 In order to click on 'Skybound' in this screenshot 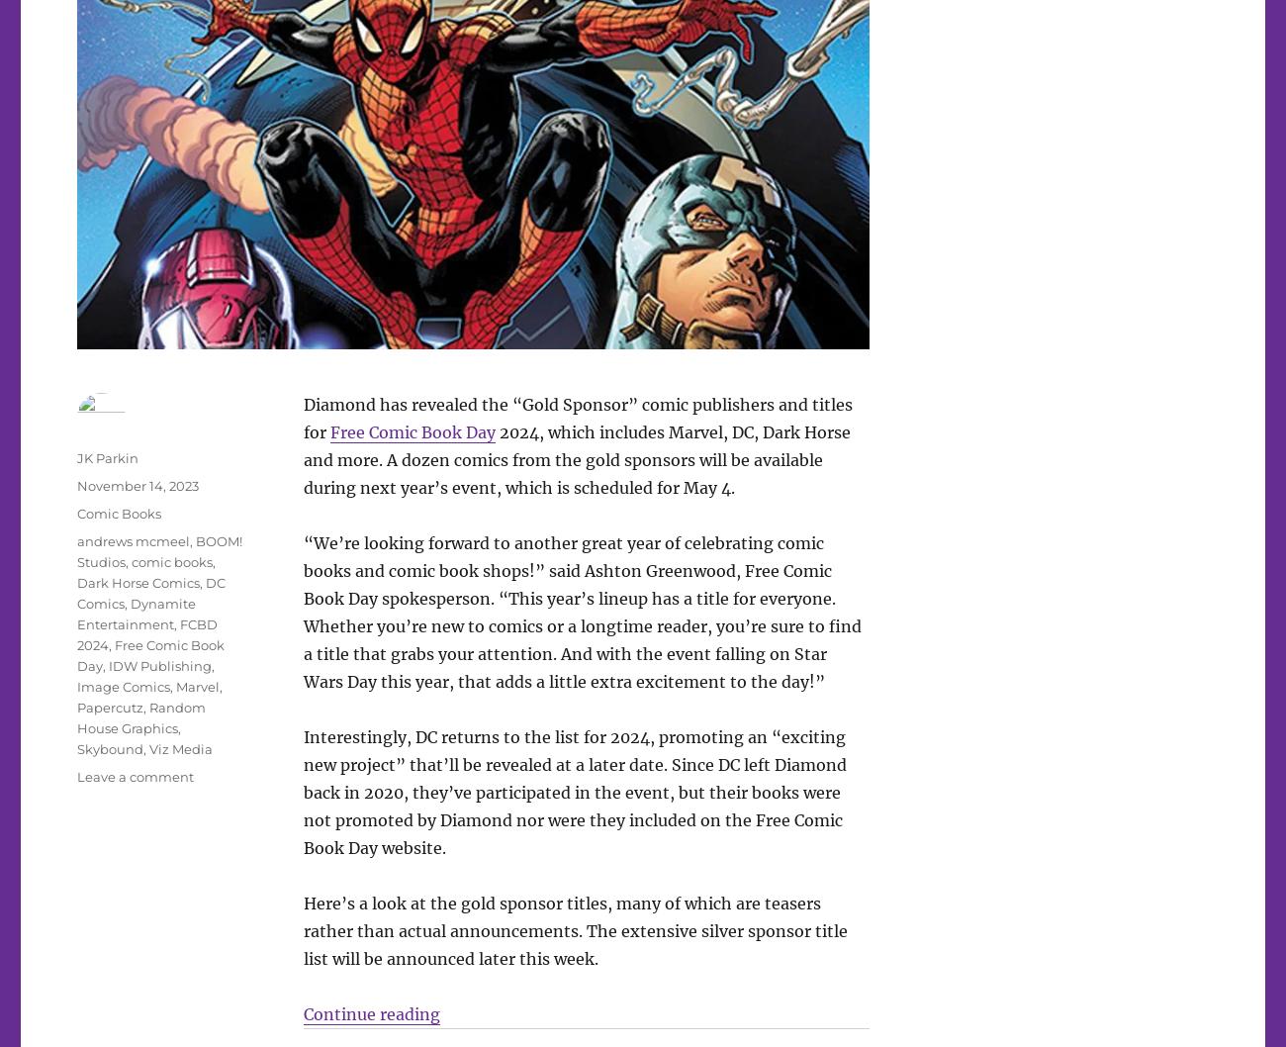, I will do `click(109, 748)`.